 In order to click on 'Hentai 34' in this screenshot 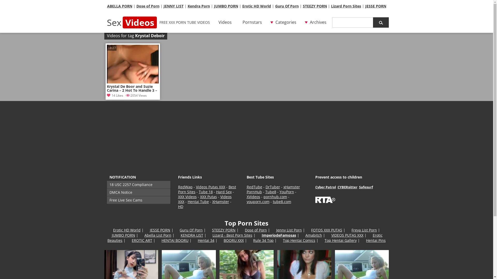, I will do `click(206, 240)`.